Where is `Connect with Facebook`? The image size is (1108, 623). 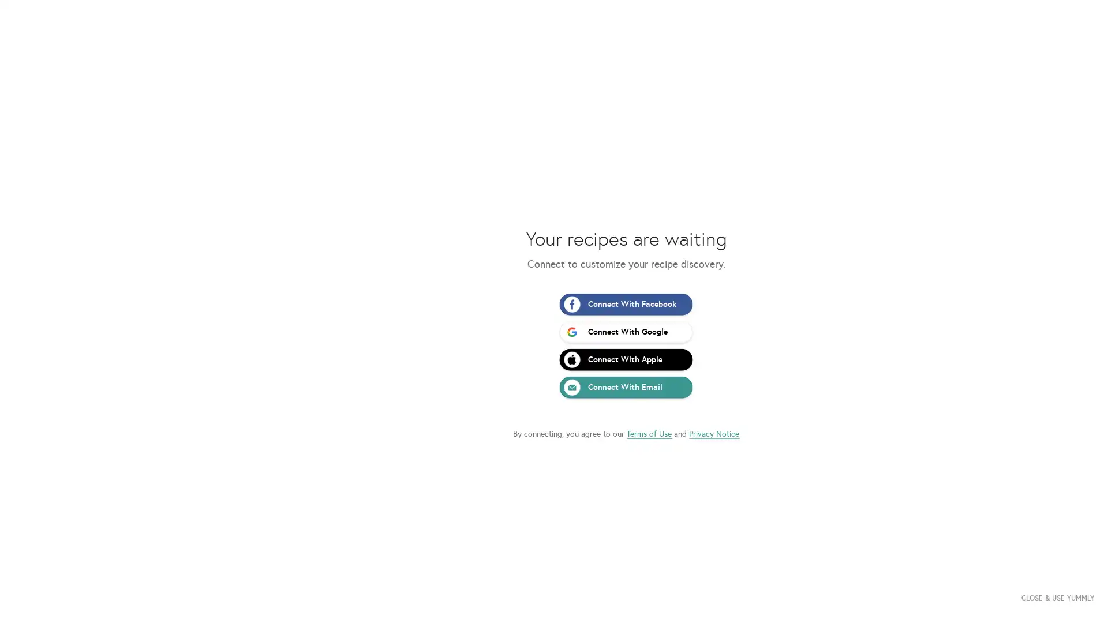 Connect with Facebook is located at coordinates (553, 303).